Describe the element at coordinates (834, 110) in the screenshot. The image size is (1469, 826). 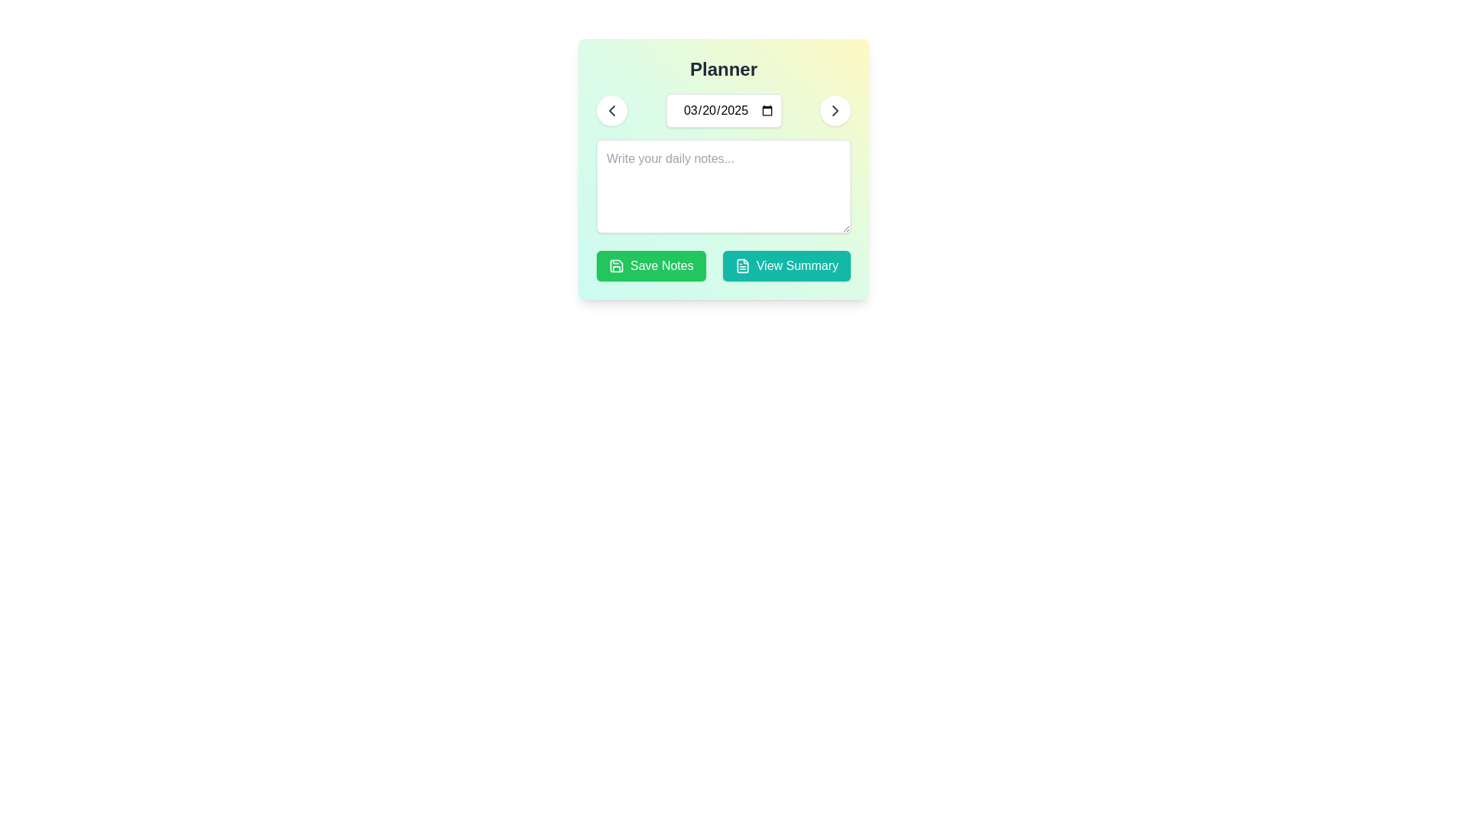
I see `the right-facing chevron icon inside the circular button with a light gray background, located to the right of the date selection field in the planner widget` at that location.